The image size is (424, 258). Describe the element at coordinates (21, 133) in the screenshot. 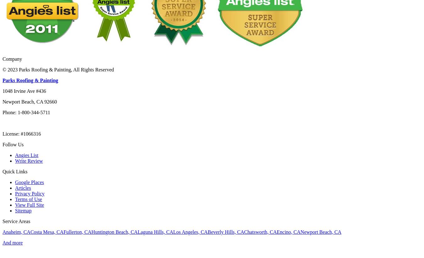

I see `'License: #1066316'` at that location.